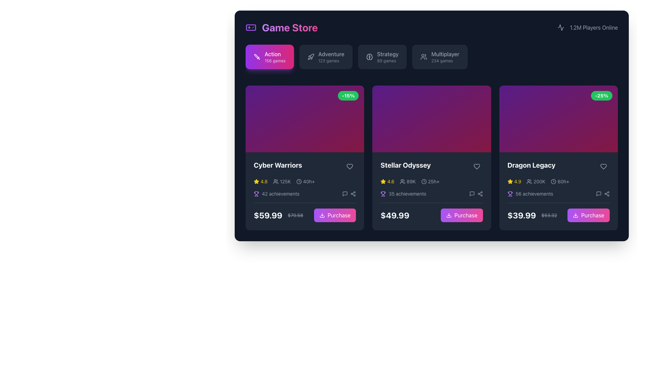 The image size is (654, 368). What do you see at coordinates (339, 215) in the screenshot?
I see `the 'Purchase' button with a gradient background in the Cyber Warriors card to trigger hover effects` at bounding box center [339, 215].